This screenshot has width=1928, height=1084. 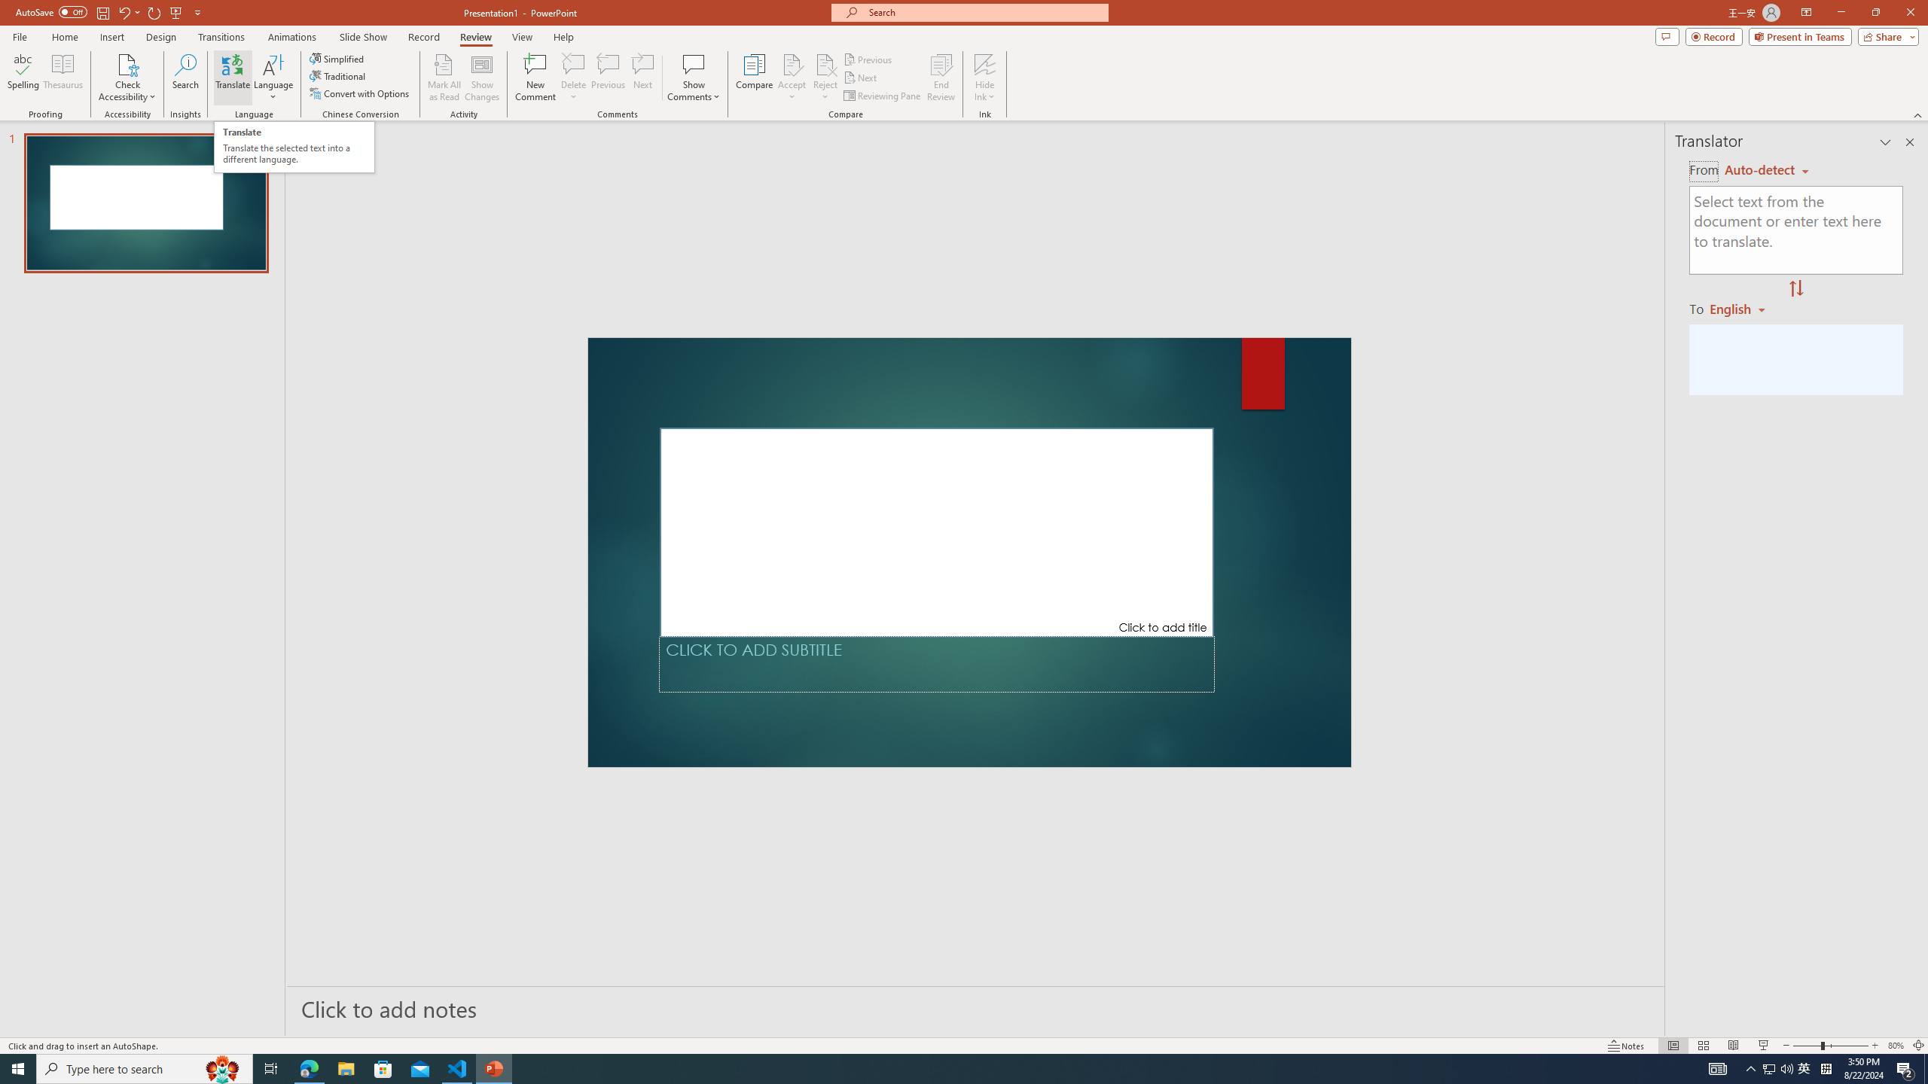 What do you see at coordinates (694, 78) in the screenshot?
I see `'Show Comments'` at bounding box center [694, 78].